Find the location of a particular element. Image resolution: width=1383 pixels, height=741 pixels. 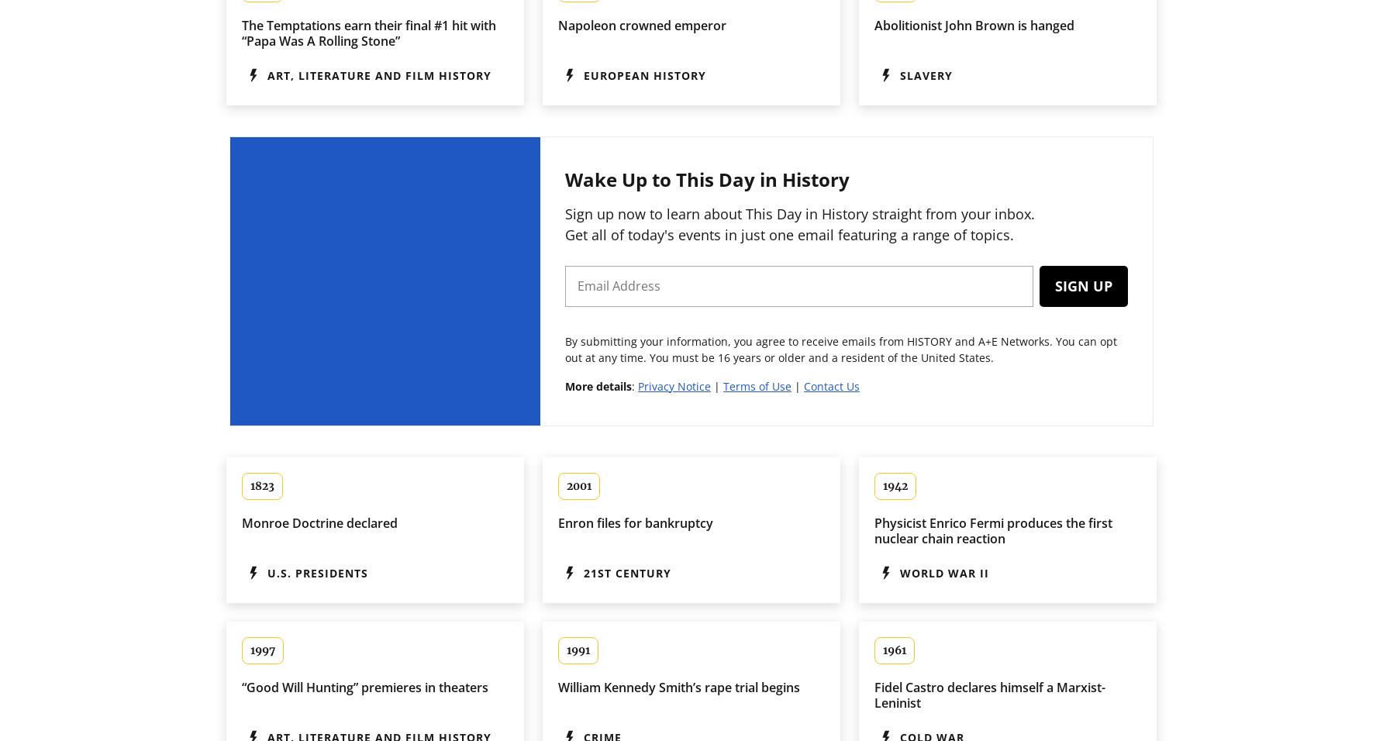

'European History' is located at coordinates (644, 74).